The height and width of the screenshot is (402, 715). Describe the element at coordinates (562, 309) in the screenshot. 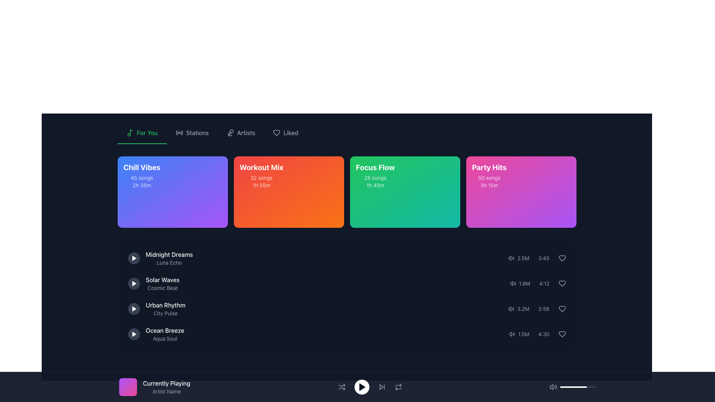

I see `the heart-shaped interactive icon button located at the far right end of the row containing '3.2M' and '3:56'` at that location.